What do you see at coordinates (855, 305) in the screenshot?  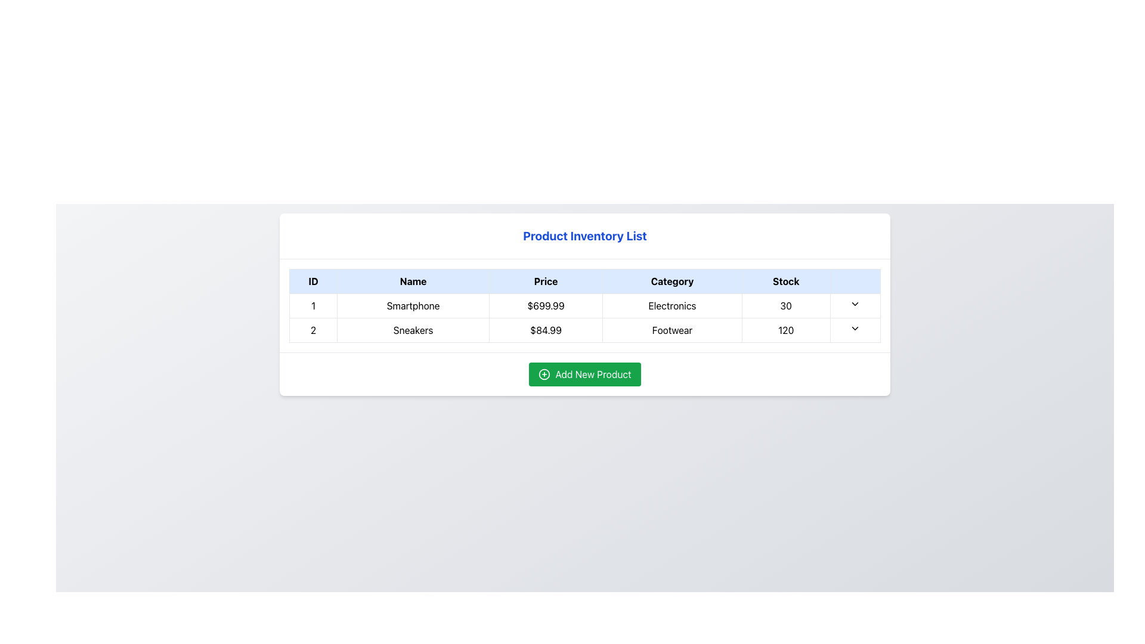 I see `the dropdown arrow icon in the last column of the row for the product 'Smartphone'` at bounding box center [855, 305].